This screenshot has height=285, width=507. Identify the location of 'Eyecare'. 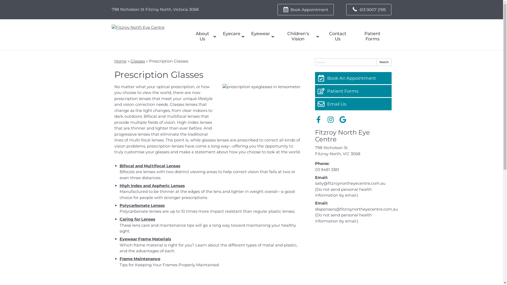
(219, 34).